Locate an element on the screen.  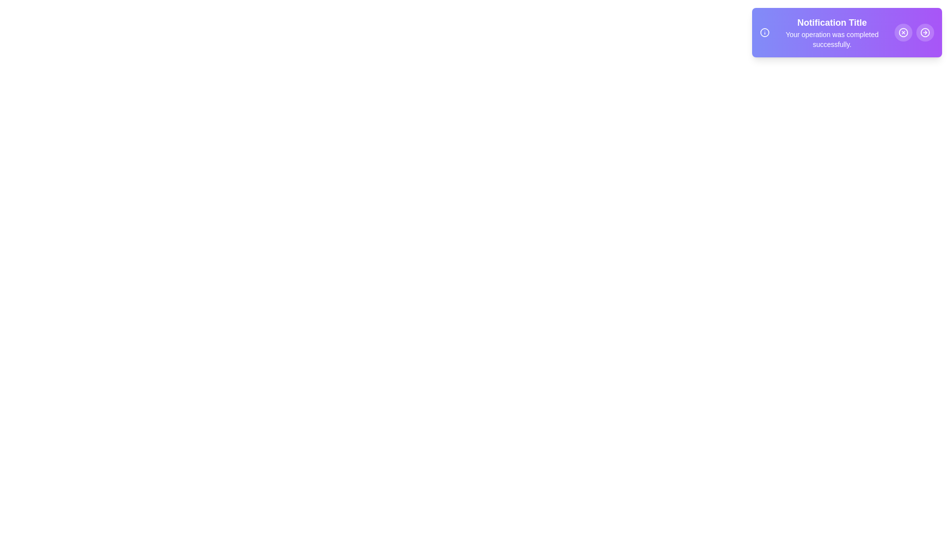
the notification text to interact with it is located at coordinates (831, 32).